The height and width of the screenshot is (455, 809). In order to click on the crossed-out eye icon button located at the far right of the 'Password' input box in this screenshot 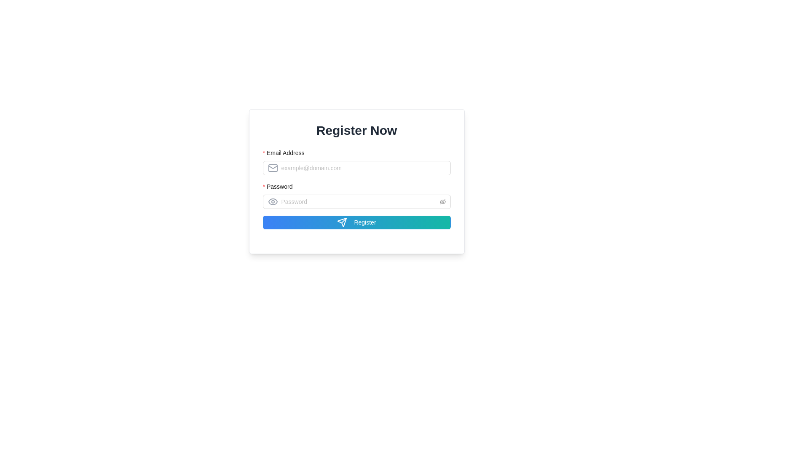, I will do `click(442, 201)`.